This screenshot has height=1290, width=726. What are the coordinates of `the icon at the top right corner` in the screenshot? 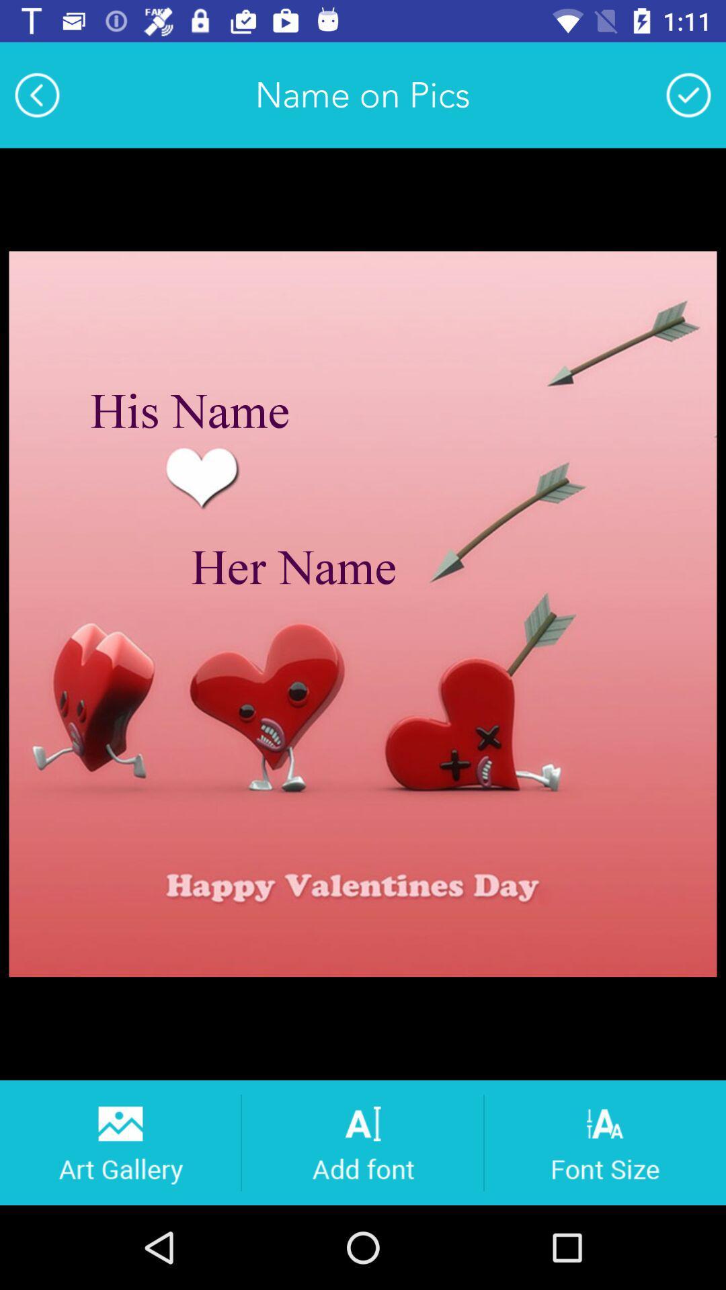 It's located at (688, 94).